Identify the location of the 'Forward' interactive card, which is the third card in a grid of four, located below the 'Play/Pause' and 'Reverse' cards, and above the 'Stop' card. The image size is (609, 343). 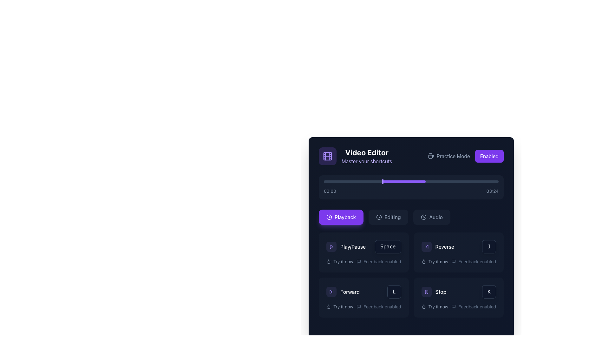
(363, 298).